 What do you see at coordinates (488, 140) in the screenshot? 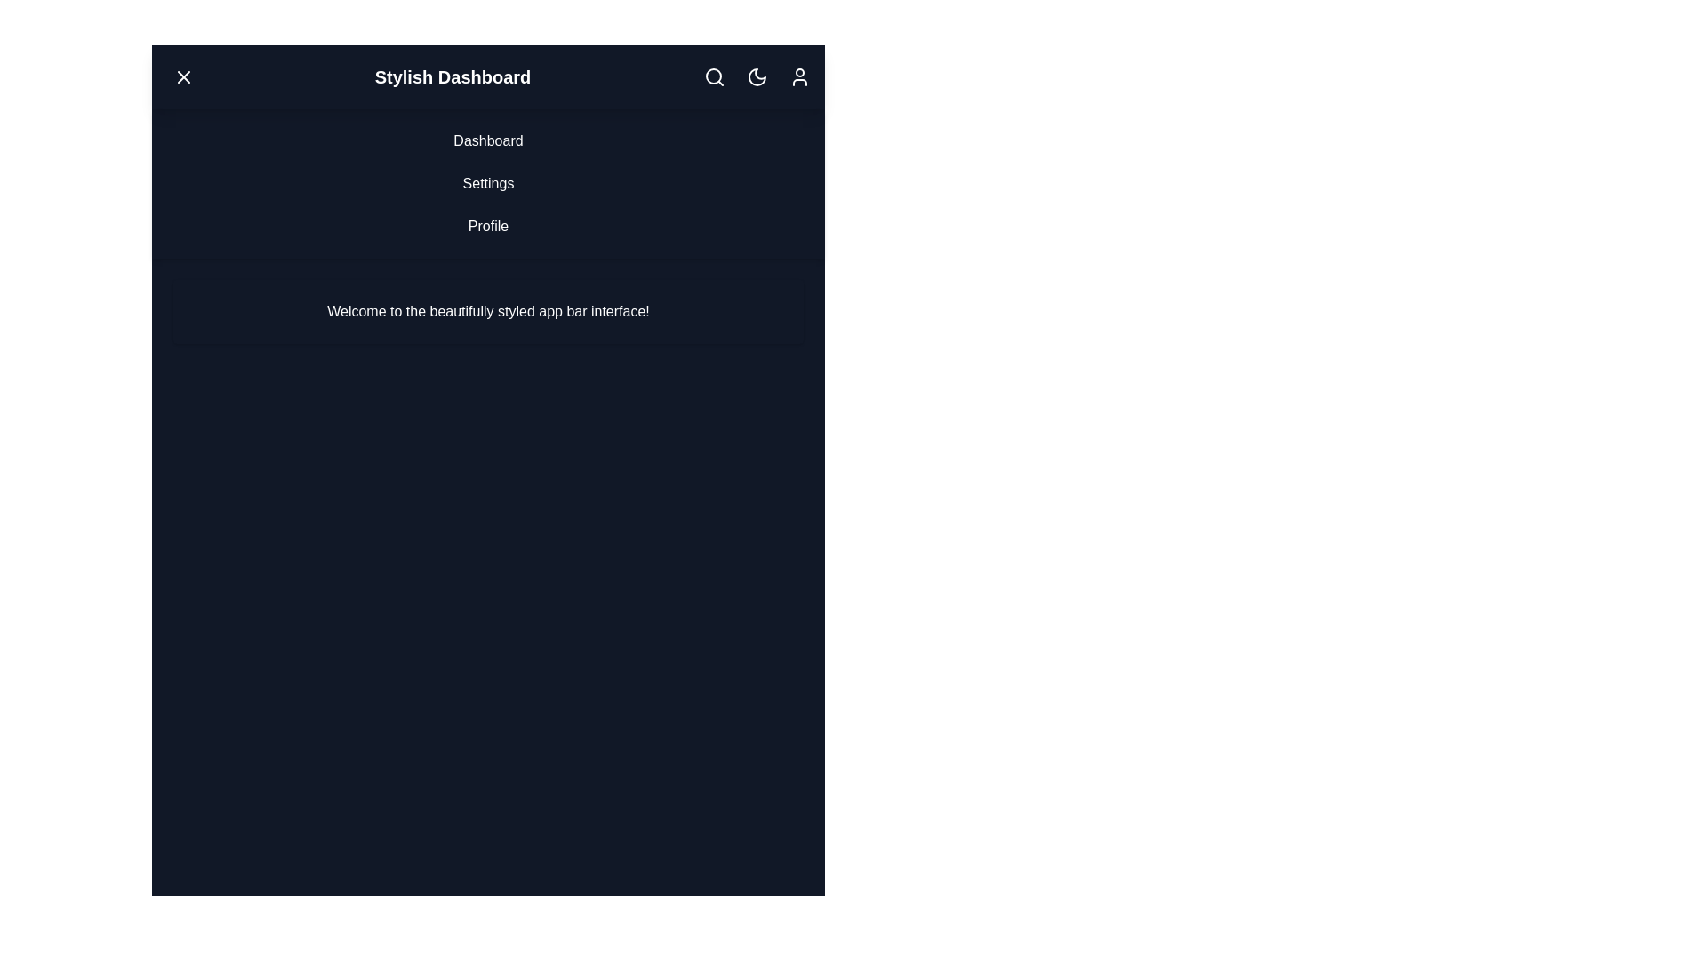
I see `the menu item Dashboard to navigate to the corresponding section` at bounding box center [488, 140].